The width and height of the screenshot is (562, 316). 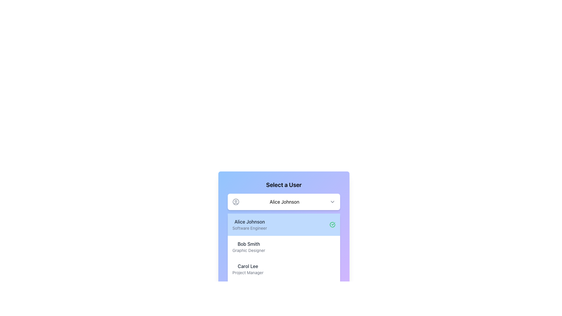 I want to click on the dropdown trigger for selecting or displaying the active user, located below the 'Select a User' header, so click(x=284, y=202).